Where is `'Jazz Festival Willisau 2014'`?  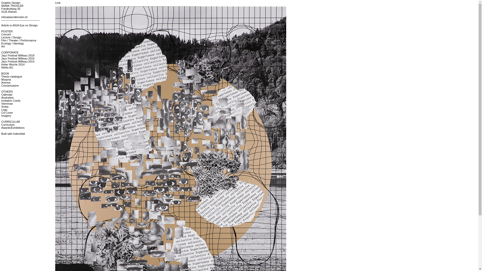 'Jazz Festival Willisau 2014' is located at coordinates (18, 61).